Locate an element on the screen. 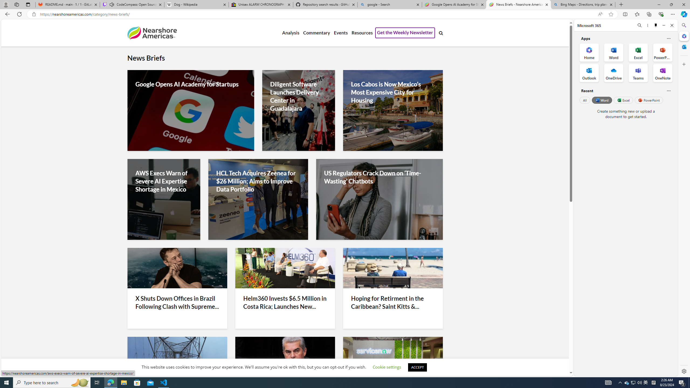 The width and height of the screenshot is (690, 388). 'Mute tab' is located at coordinates (111, 4).